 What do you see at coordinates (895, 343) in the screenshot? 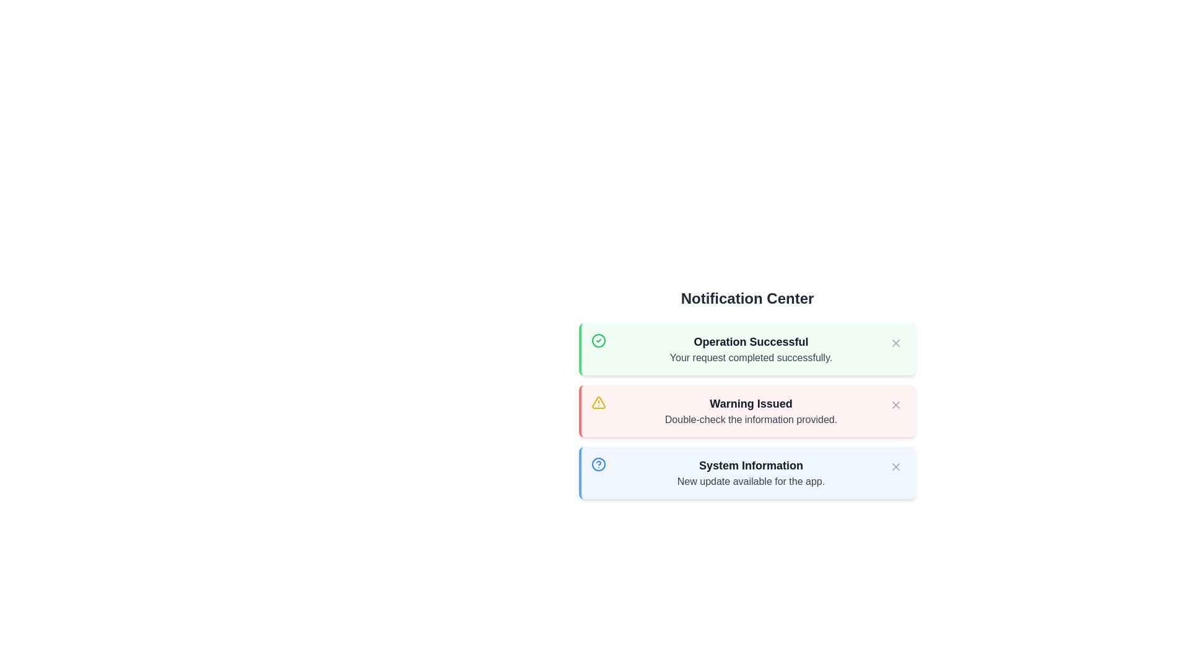
I see `the close button decorated with an icon located at the far-right of the 'Operation Successful' banner` at bounding box center [895, 343].